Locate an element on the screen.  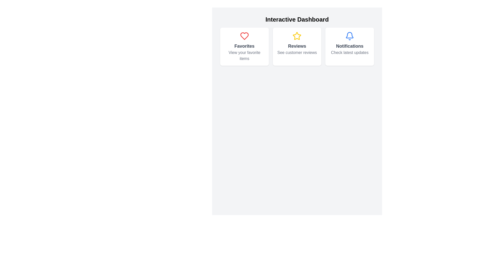
the middle card in the three-card grid layout that displays customer reviews by moving the cursor to its center is located at coordinates (297, 46).